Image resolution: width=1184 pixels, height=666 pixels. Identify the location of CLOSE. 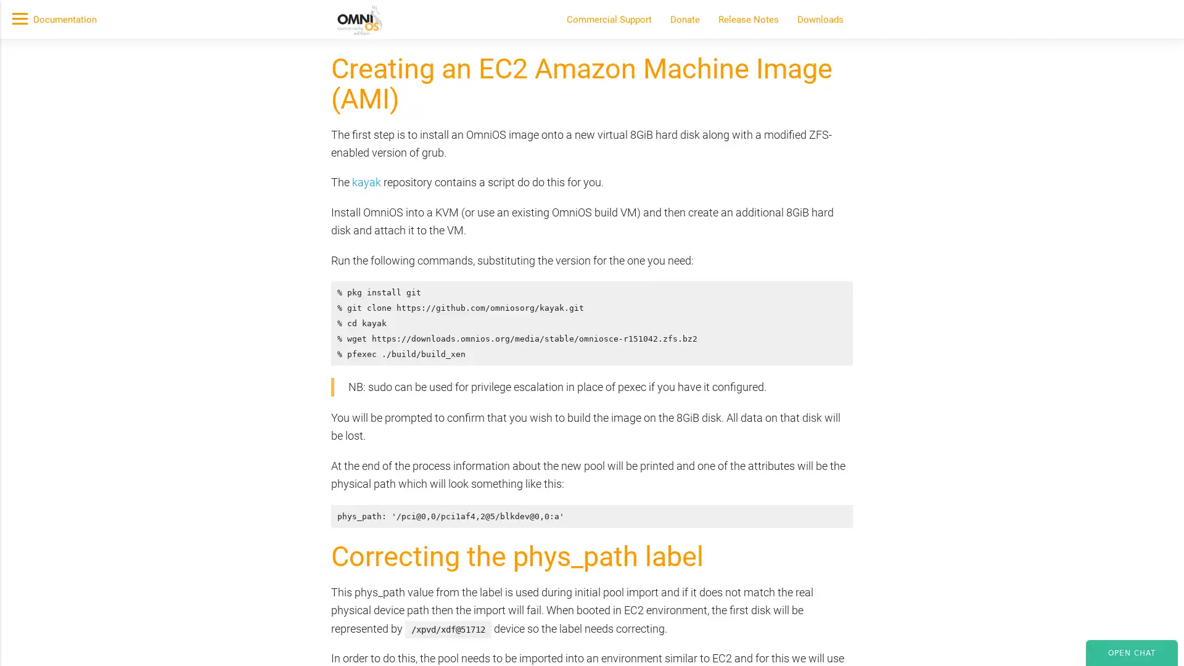
(881, 183).